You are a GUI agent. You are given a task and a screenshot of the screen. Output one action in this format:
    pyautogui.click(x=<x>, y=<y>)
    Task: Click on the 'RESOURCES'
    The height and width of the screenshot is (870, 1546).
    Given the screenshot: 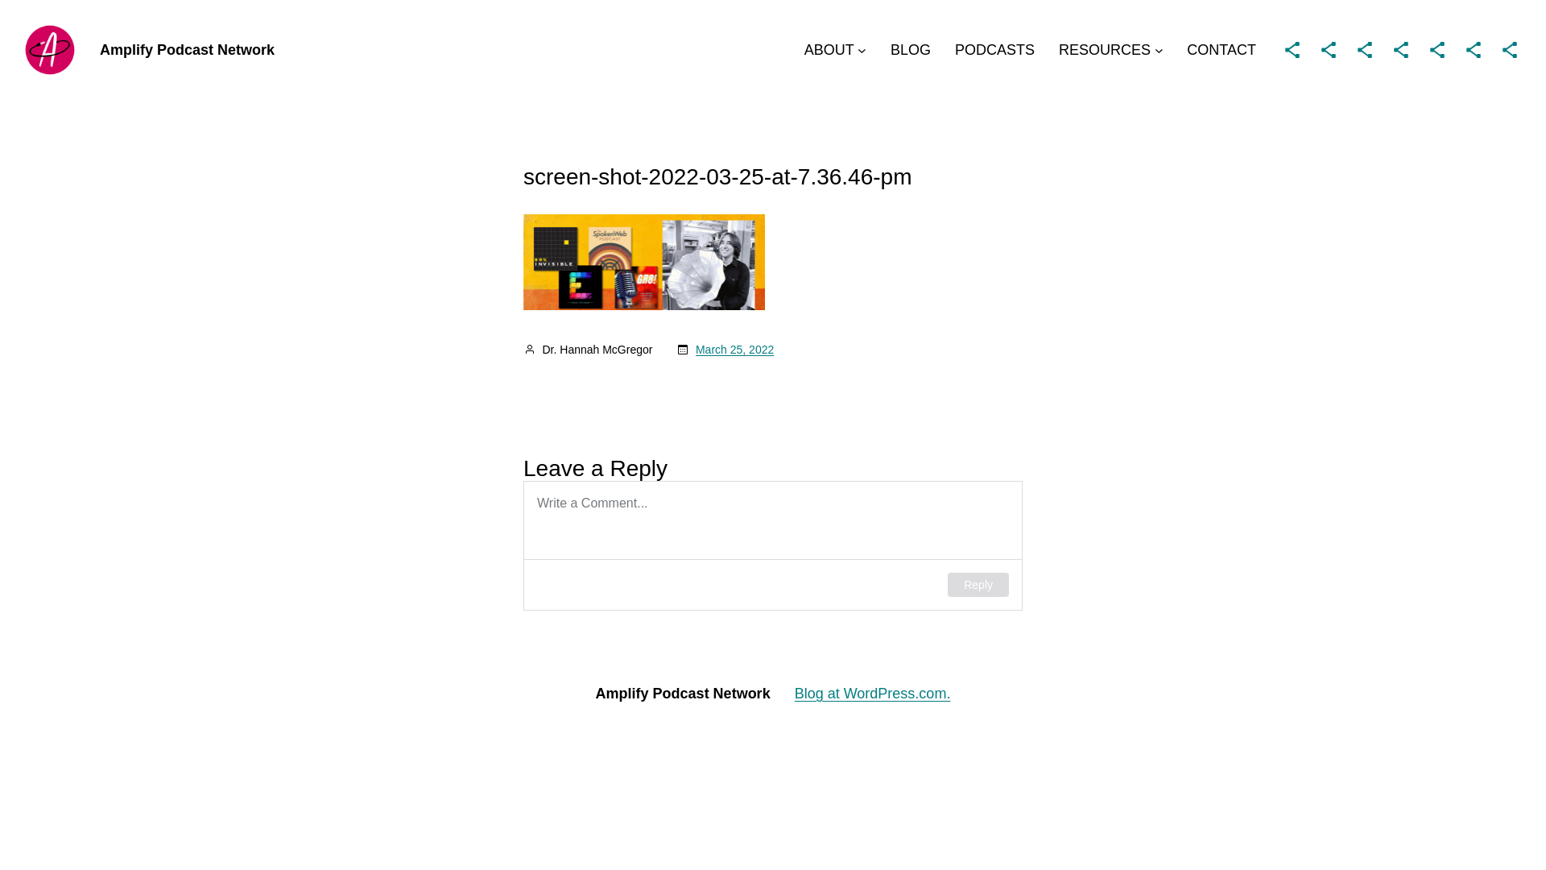 What is the action you would take?
    pyautogui.click(x=1104, y=49)
    